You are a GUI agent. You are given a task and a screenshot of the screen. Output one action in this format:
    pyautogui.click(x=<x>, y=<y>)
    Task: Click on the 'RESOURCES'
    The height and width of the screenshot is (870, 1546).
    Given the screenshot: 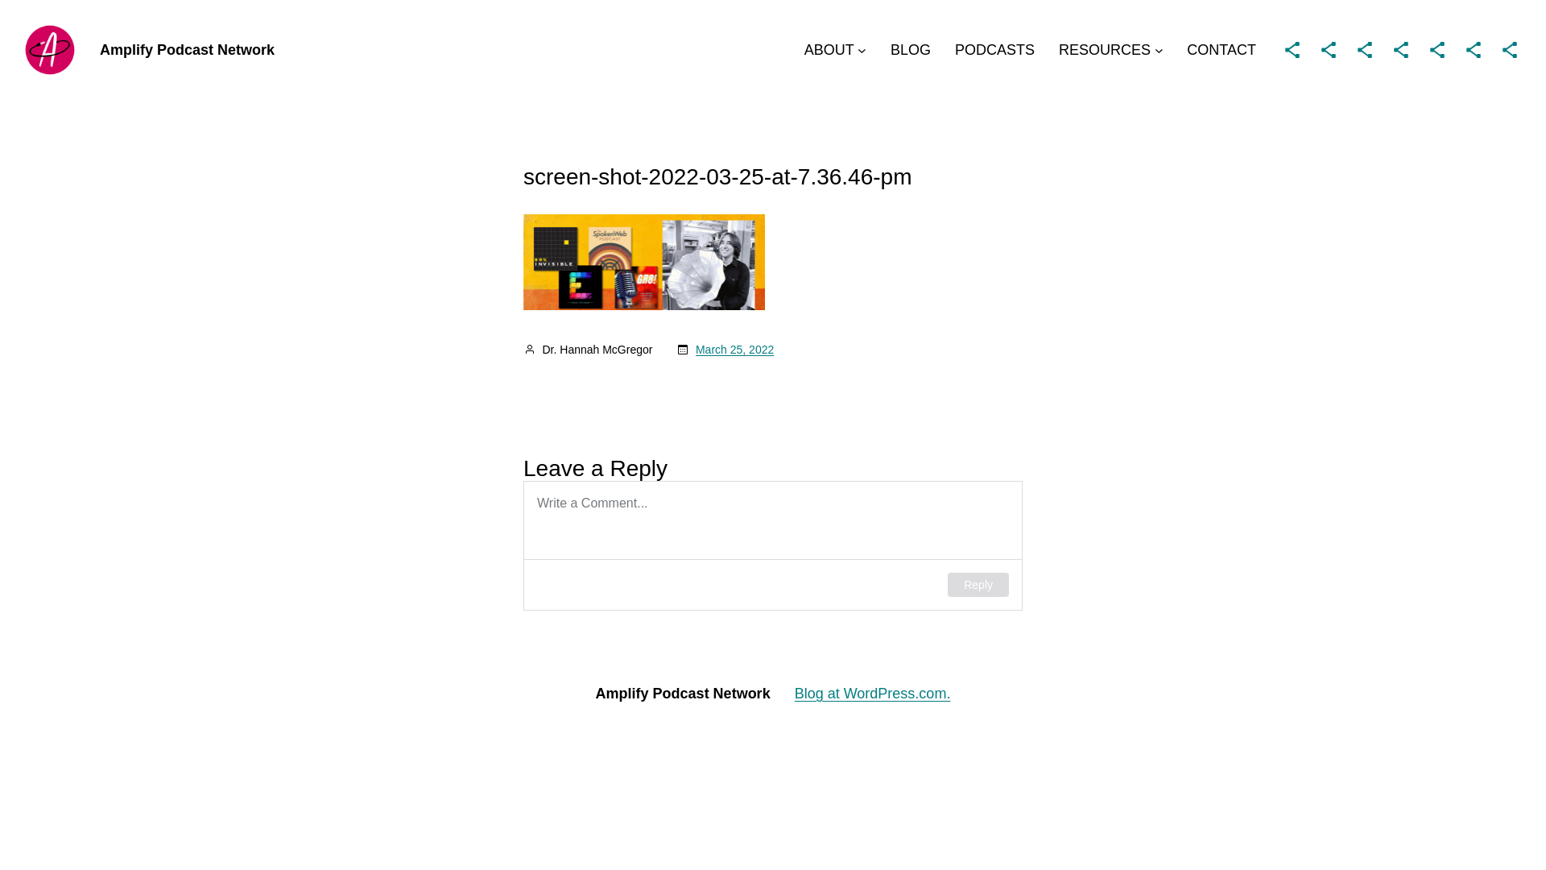 What is the action you would take?
    pyautogui.click(x=1104, y=49)
    